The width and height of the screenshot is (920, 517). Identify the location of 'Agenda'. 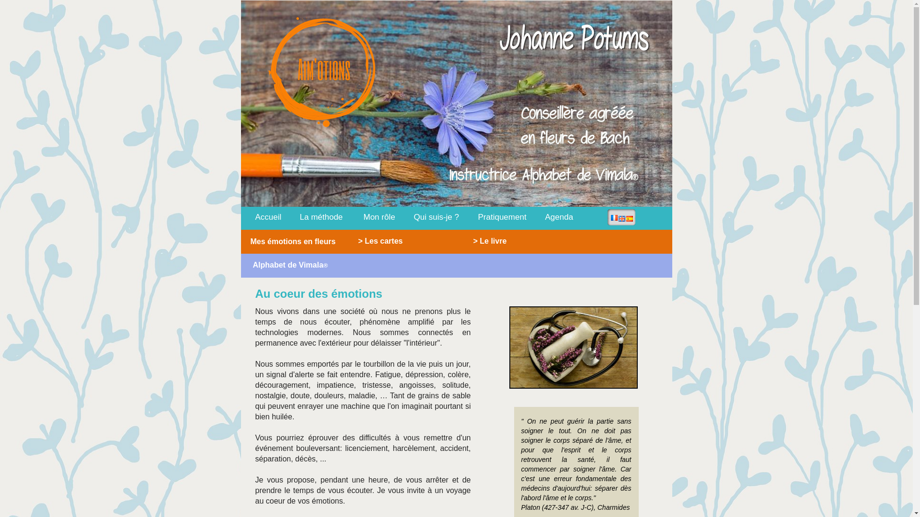
(559, 216).